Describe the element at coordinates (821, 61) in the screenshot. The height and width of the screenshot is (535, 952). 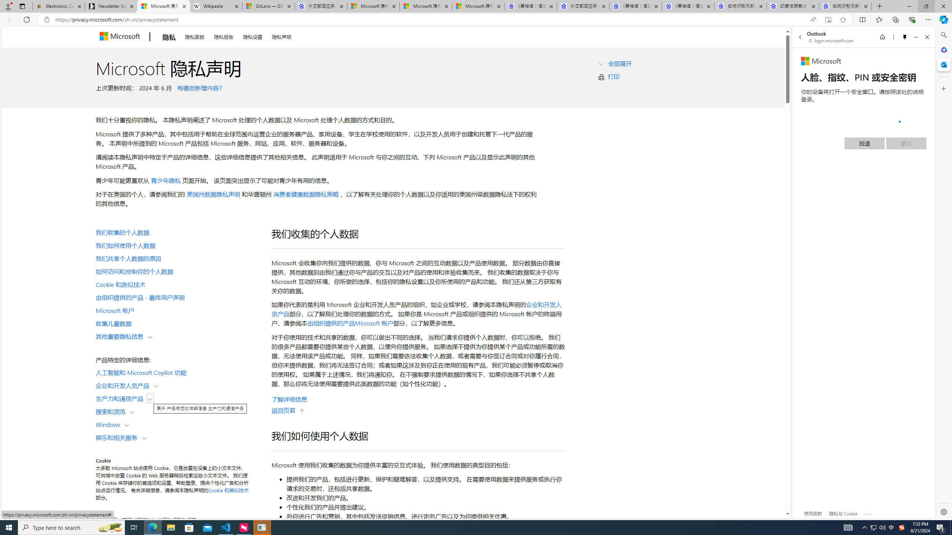
I see `'Microsoft'` at that location.